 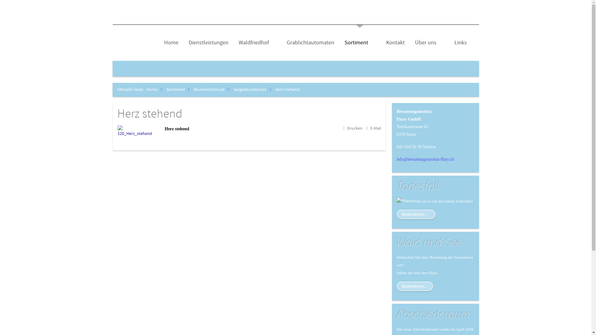 I want to click on 'Dienstleistungen', so click(x=186, y=42).